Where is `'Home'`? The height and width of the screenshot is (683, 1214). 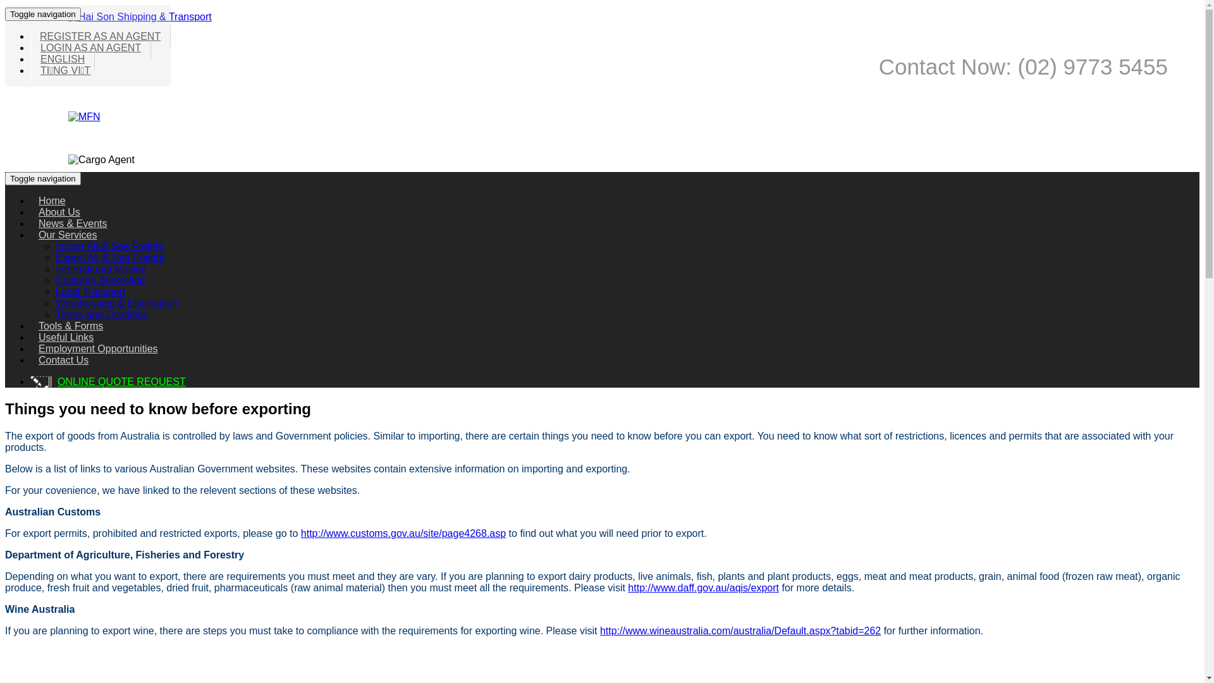
'Home' is located at coordinates (51, 200).